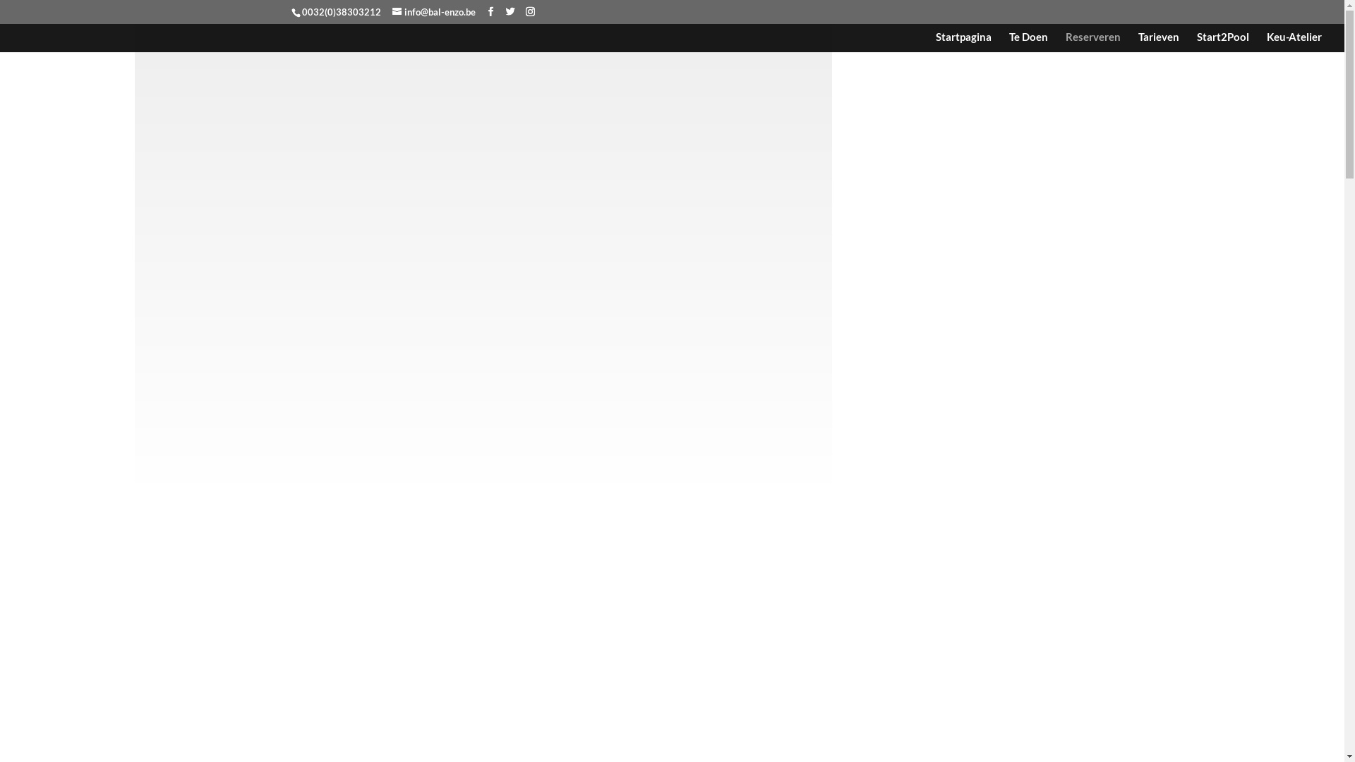 This screenshot has height=762, width=1355. Describe the element at coordinates (1028, 41) in the screenshot. I see `'Te Doen'` at that location.